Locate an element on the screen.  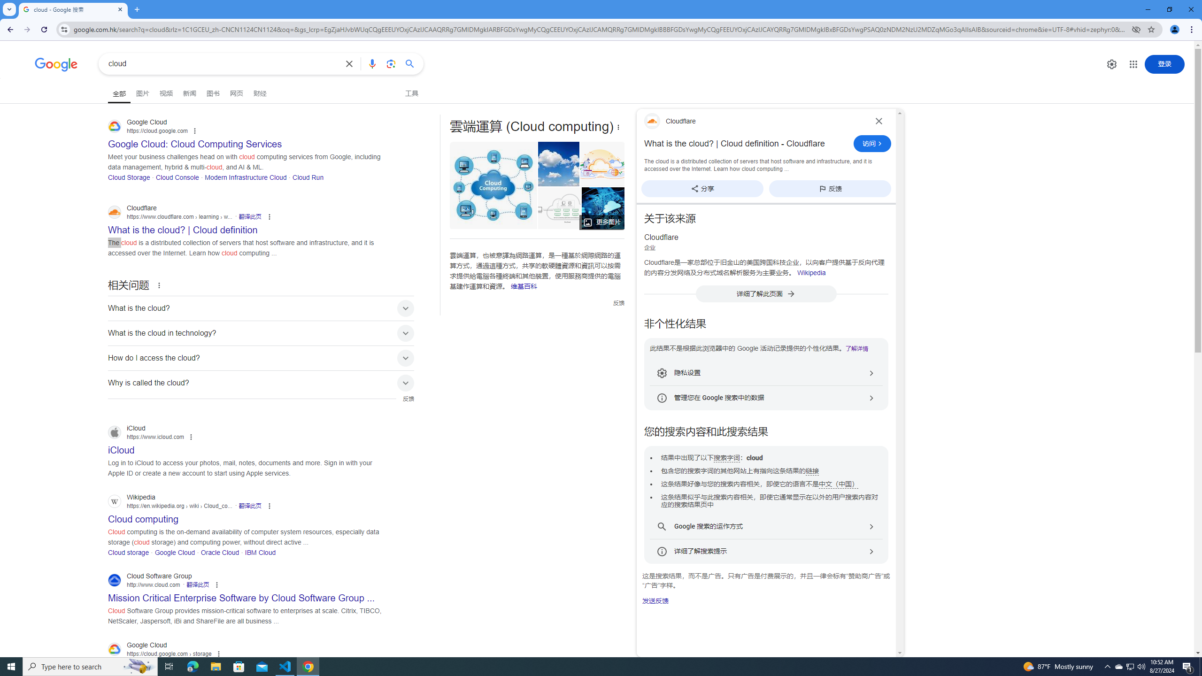
'Google' is located at coordinates (56, 64).